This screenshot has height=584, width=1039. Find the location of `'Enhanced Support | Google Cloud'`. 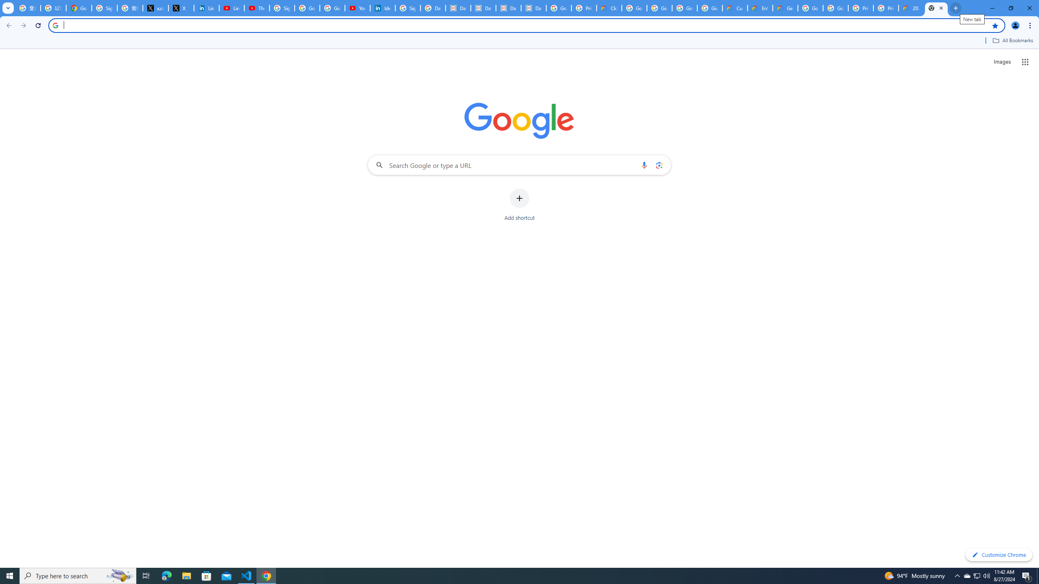

'Enhanced Support | Google Cloud' is located at coordinates (759, 8).